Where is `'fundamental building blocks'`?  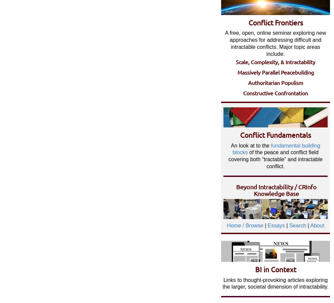 'fundamental building blocks' is located at coordinates (276, 149).